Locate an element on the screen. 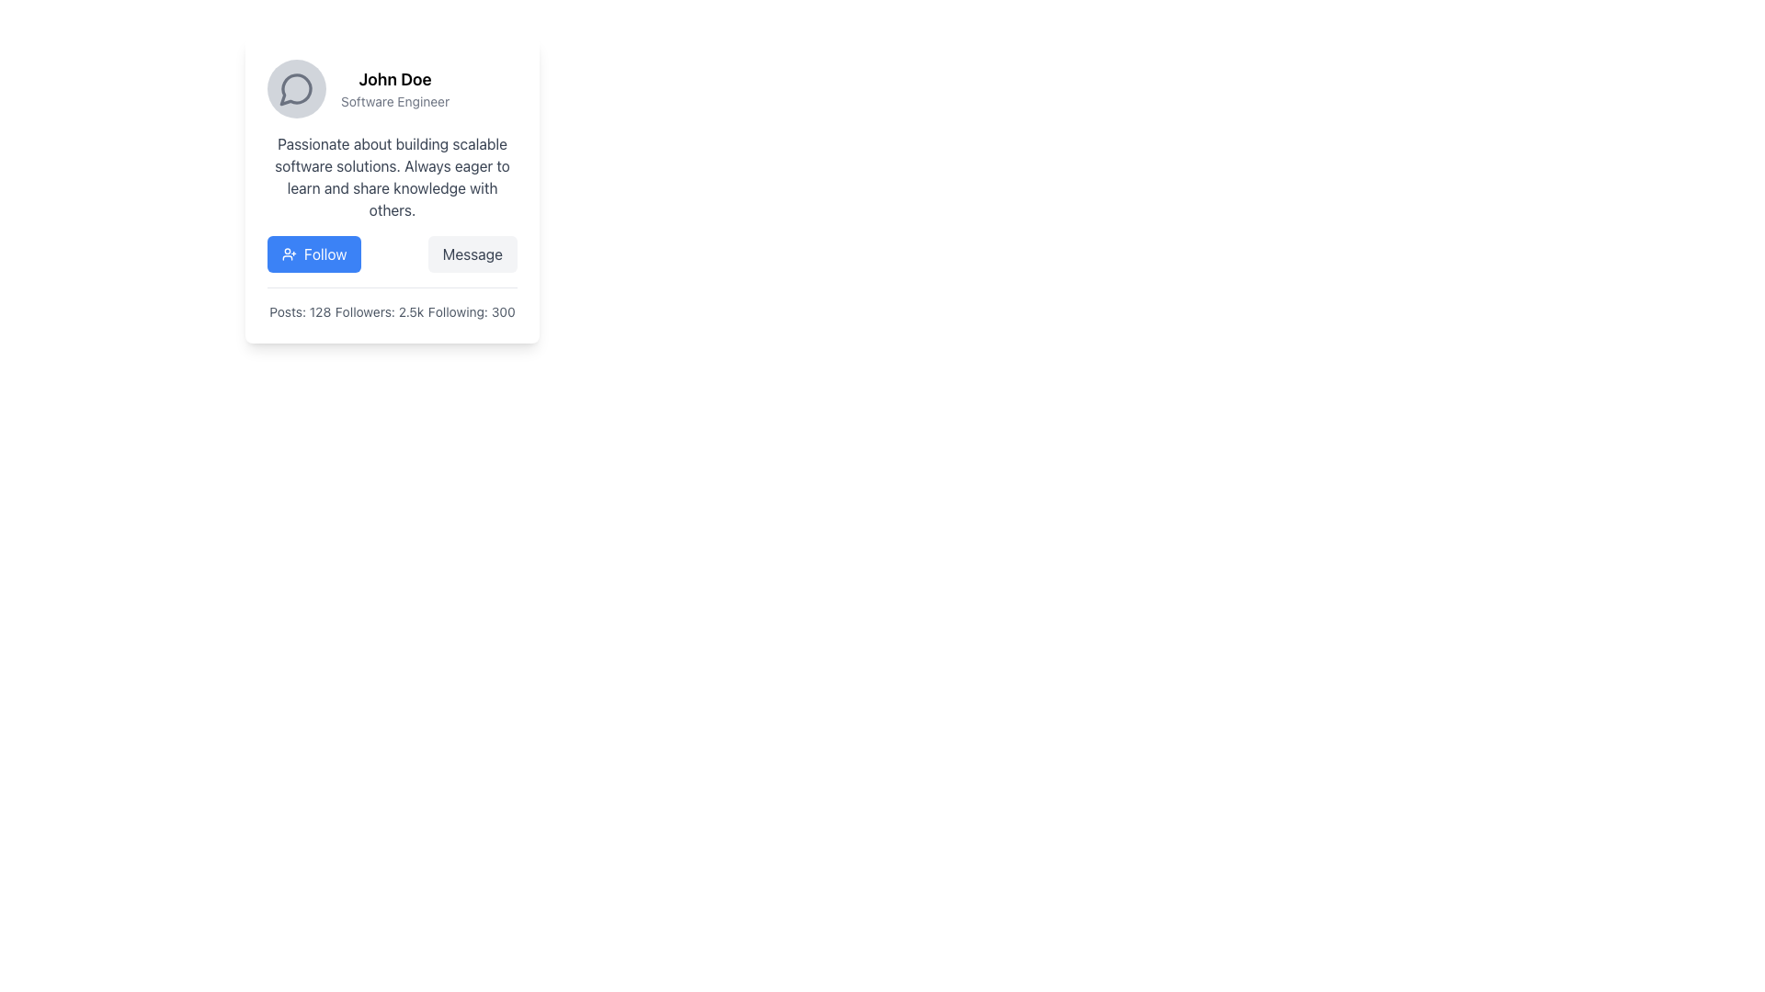  static text of the 'Follow' button located under the profile information of 'John Doe', to the left of the 'Message' button is located at coordinates (325, 254).